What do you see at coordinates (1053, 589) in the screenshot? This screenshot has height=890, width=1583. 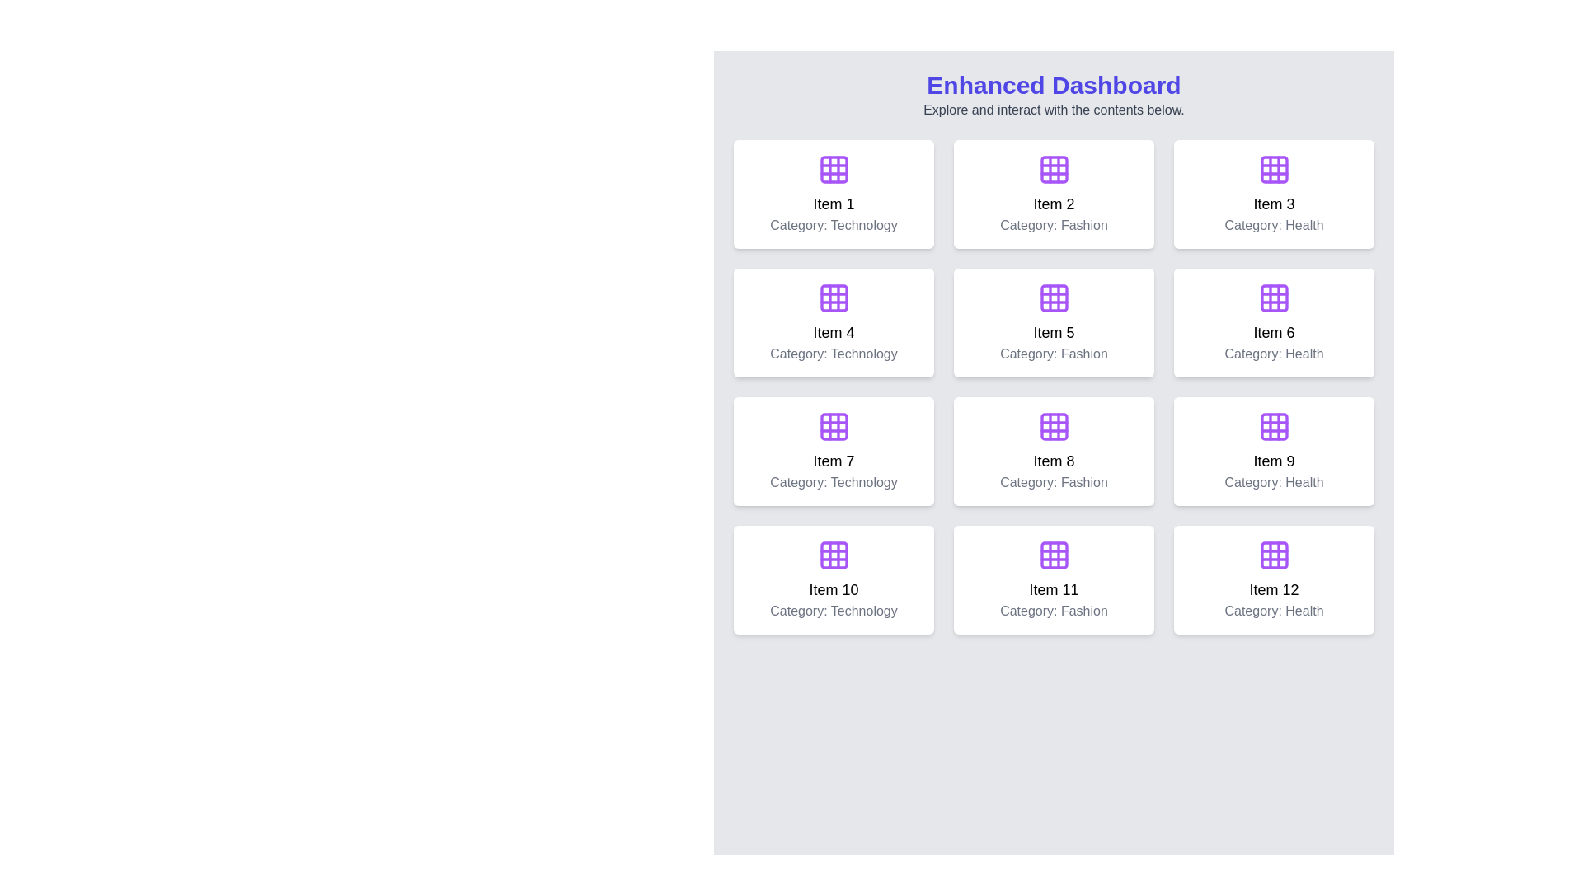 I see `the Text element displaying 'Item 11' which is part of a dashboard grid layout, positioned between 'Item 10' and 'Item 12'` at bounding box center [1053, 589].